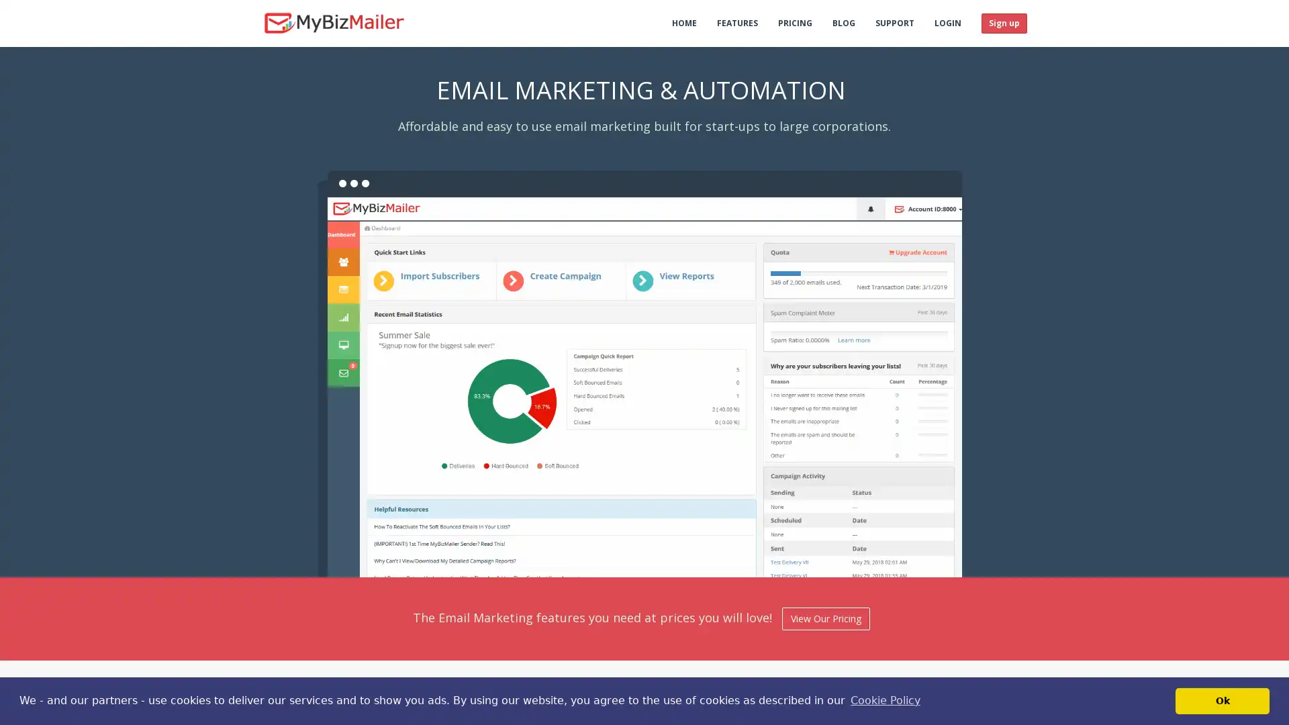  I want to click on learn more about cookies, so click(885, 700).